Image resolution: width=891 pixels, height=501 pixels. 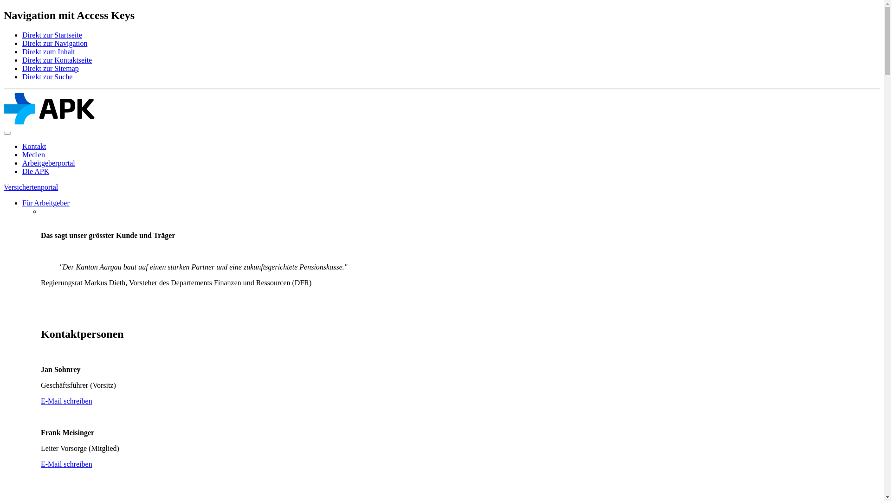 I want to click on 'Direkt zur Navigation', so click(x=54, y=43).